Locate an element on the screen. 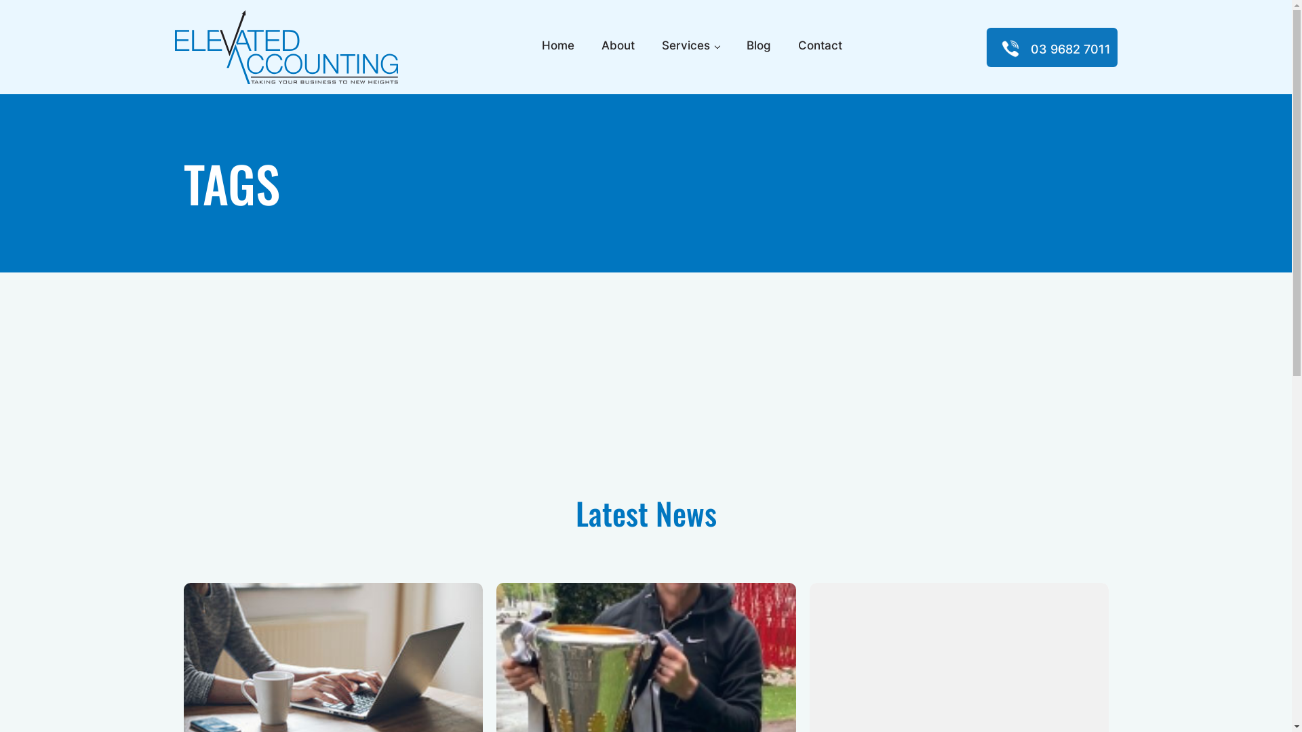 Image resolution: width=1302 pixels, height=732 pixels. 'Home' is located at coordinates (557, 46).